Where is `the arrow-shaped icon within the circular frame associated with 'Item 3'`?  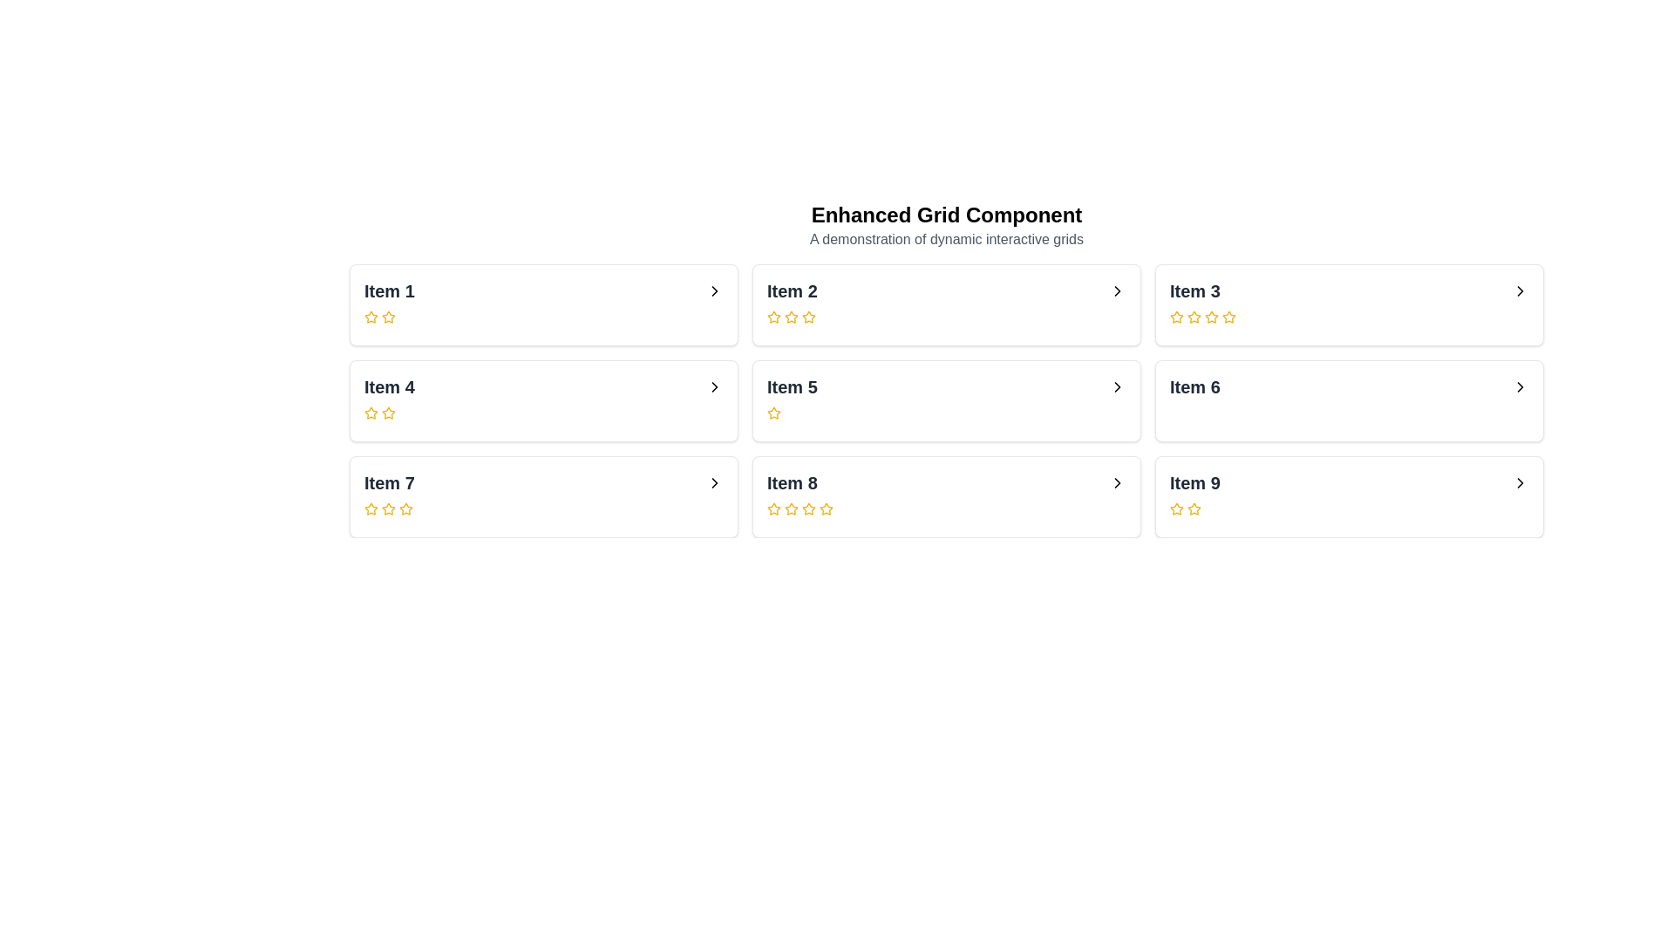 the arrow-shaped icon within the circular frame associated with 'Item 3' is located at coordinates (1519, 290).